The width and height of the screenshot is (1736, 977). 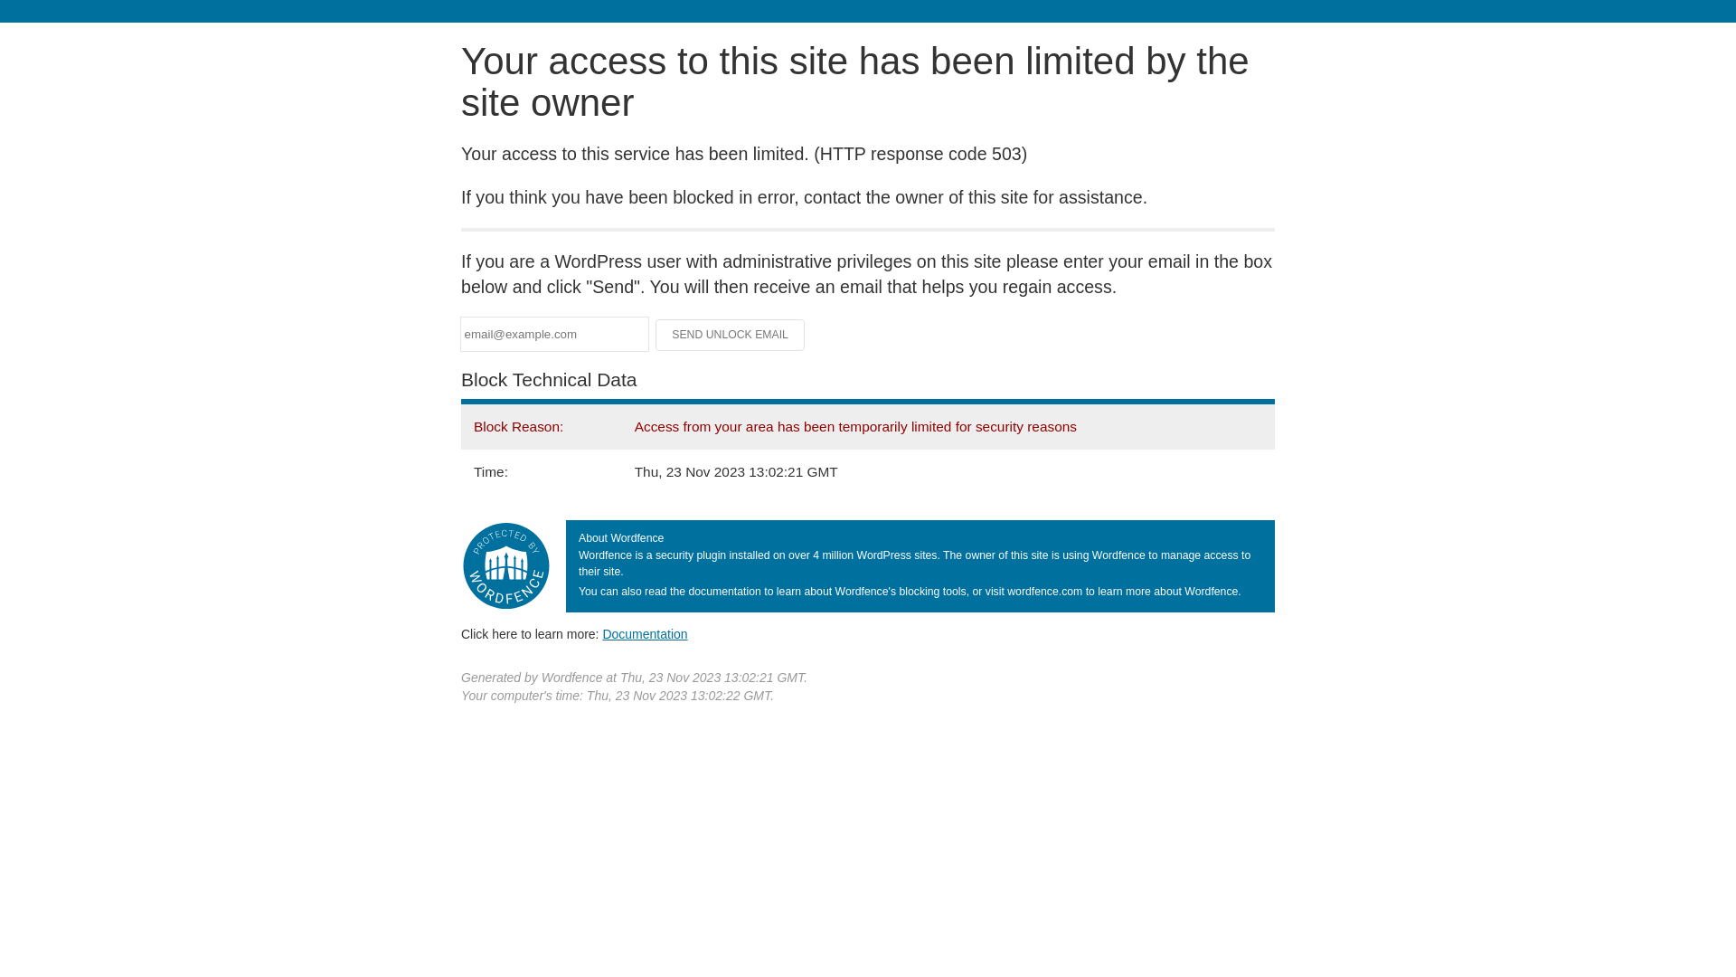 I want to click on 'Send Unlock Email', so click(x=730, y=335).